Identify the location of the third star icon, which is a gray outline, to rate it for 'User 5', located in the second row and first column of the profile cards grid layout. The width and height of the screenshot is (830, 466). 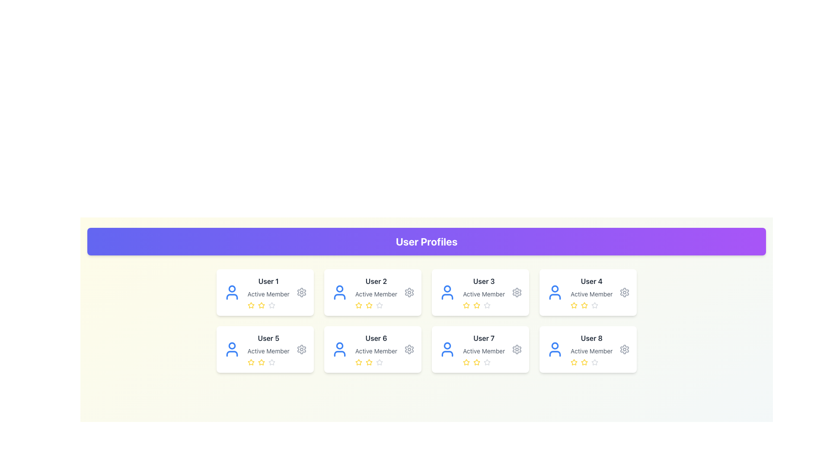
(268, 349).